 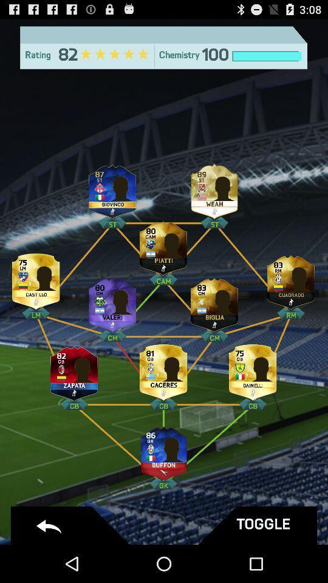 What do you see at coordinates (214, 301) in the screenshot?
I see `player` at bounding box center [214, 301].